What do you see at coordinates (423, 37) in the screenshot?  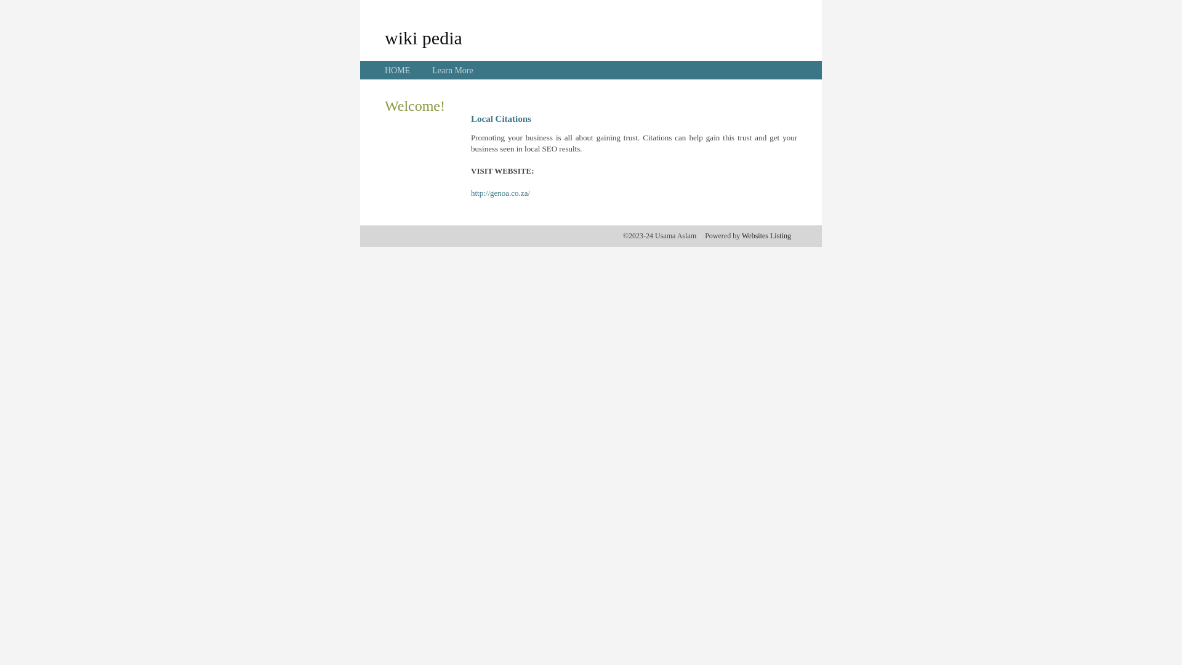 I see `'wiki pedia'` at bounding box center [423, 37].